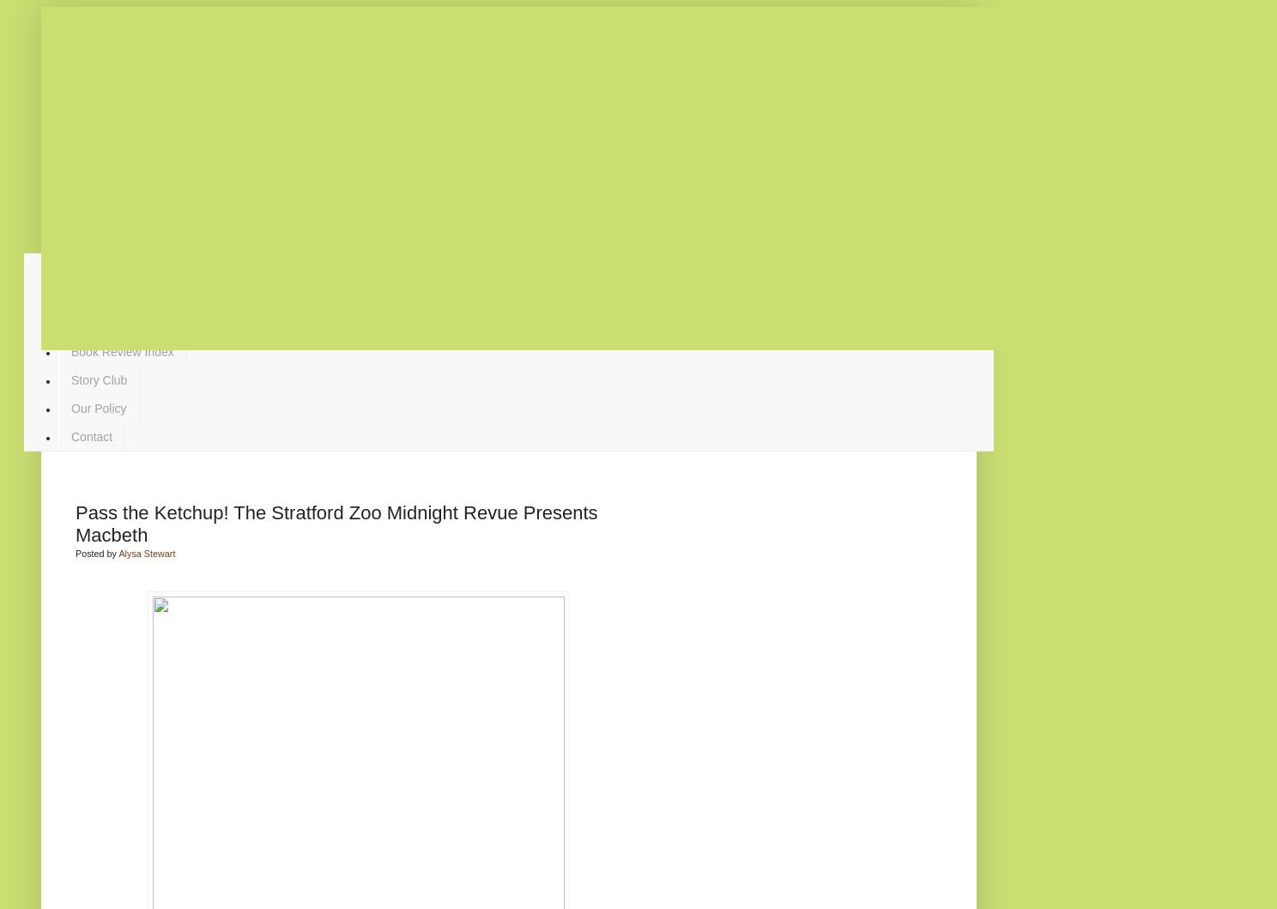  What do you see at coordinates (508, 209) in the screenshot?
I see `'EVEREAD   //   Always Reading   //   EVEREAD'` at bounding box center [508, 209].